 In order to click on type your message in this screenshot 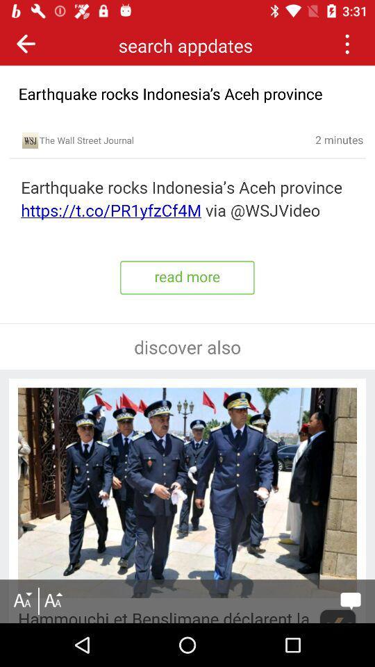, I will do `click(350, 600)`.